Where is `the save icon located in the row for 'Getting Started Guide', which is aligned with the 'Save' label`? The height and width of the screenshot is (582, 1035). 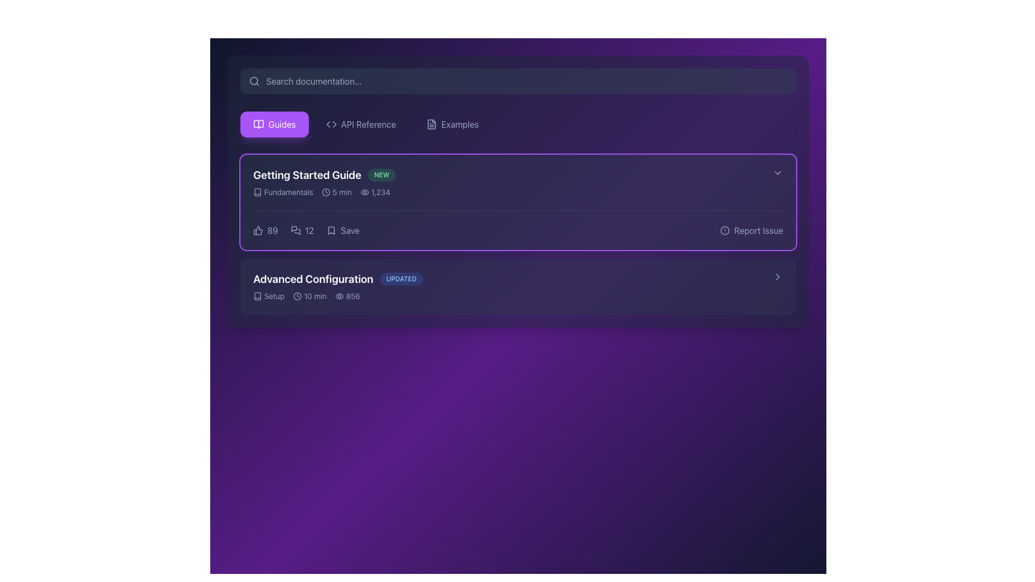 the save icon located in the row for 'Getting Started Guide', which is aligned with the 'Save' label is located at coordinates (331, 230).